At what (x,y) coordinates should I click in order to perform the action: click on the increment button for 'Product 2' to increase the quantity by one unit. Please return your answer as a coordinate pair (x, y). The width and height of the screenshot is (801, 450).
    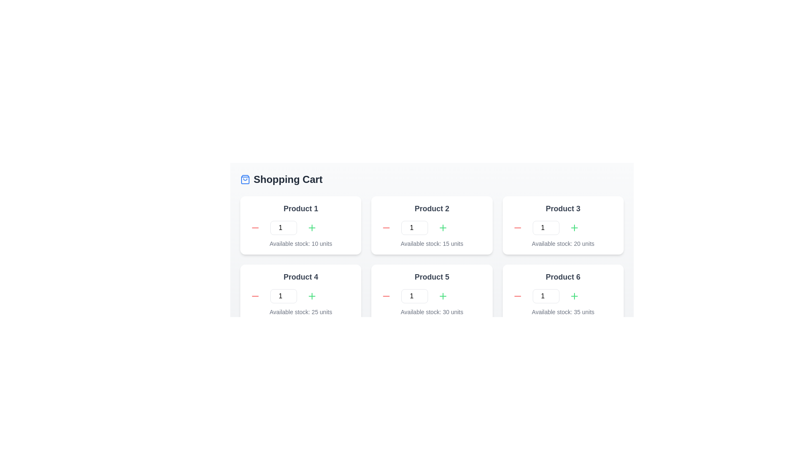
    Looking at the image, I should click on (443, 228).